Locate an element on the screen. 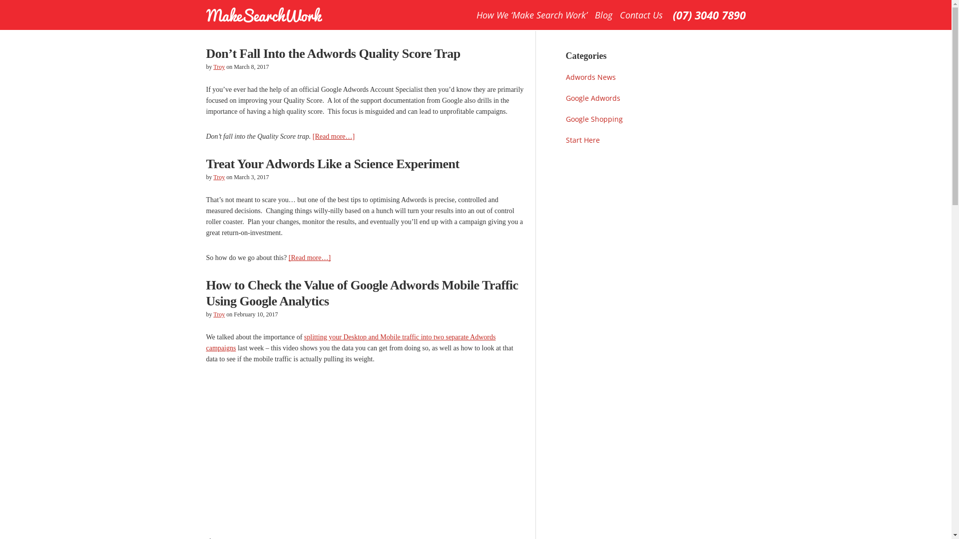 The width and height of the screenshot is (959, 539). 'Treat Your Adwords Like a Science Experiment' is located at coordinates (332, 163).